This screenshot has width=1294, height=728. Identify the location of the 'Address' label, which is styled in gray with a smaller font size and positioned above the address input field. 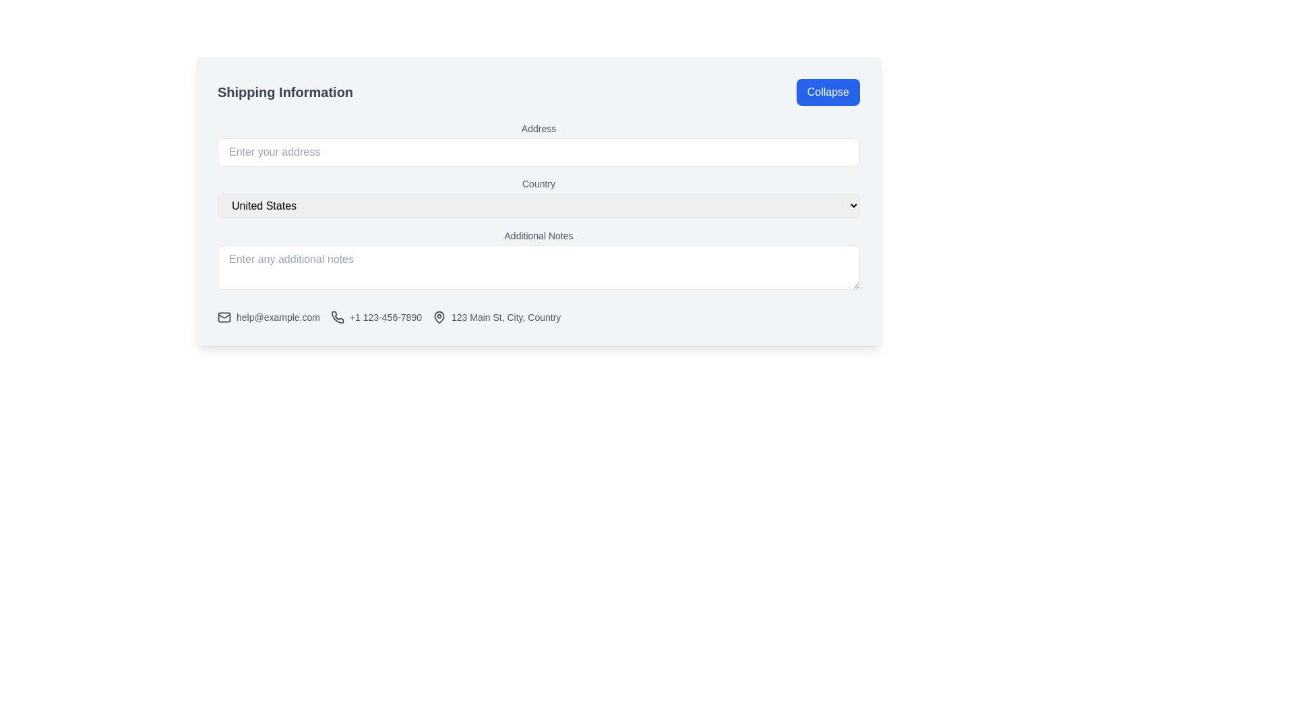
(538, 129).